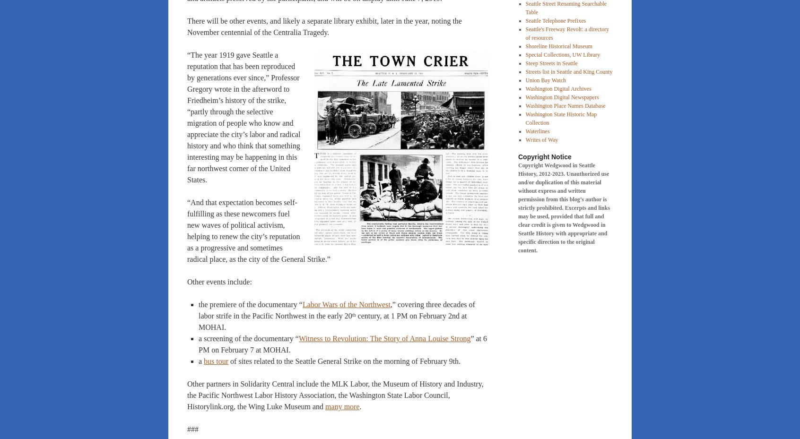 The image size is (800, 439). Describe the element at coordinates (216, 361) in the screenshot. I see `'bus tour'` at that location.